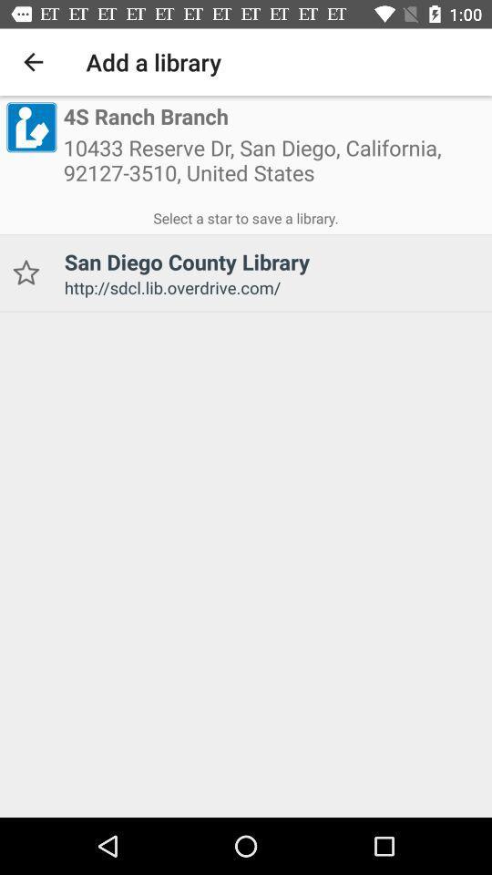 This screenshot has height=875, width=492. What do you see at coordinates (30, 126) in the screenshot?
I see `the item above select a star` at bounding box center [30, 126].